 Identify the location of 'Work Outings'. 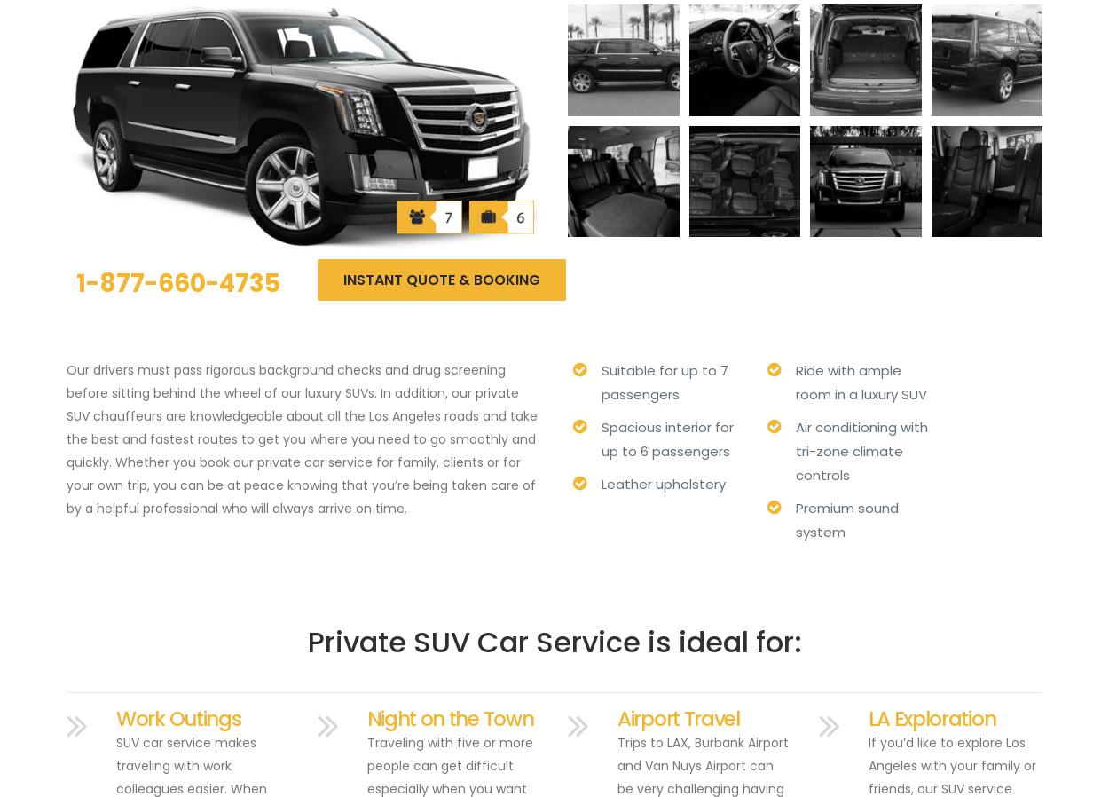
(116, 718).